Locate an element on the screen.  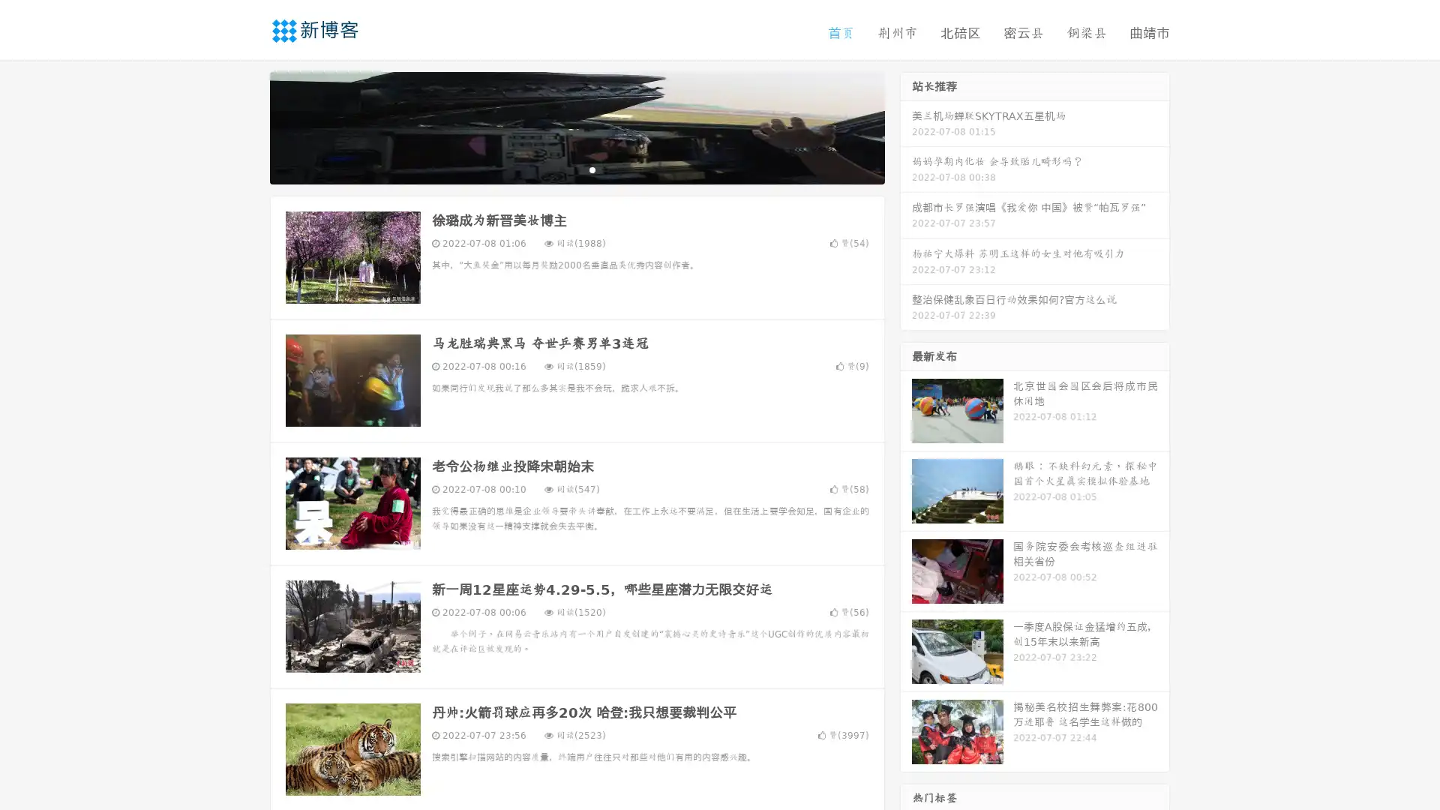
Go to slide 1 is located at coordinates (561, 169).